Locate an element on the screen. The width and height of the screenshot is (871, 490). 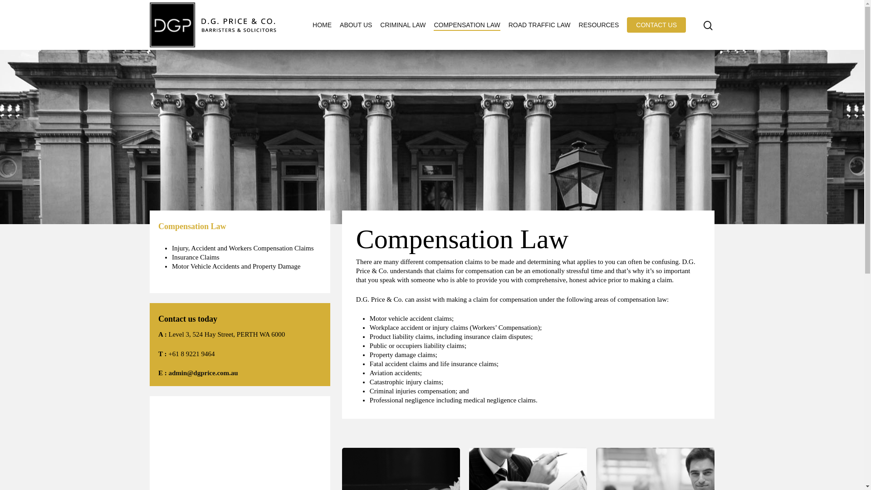
'ABOUT US' is located at coordinates (355, 24).